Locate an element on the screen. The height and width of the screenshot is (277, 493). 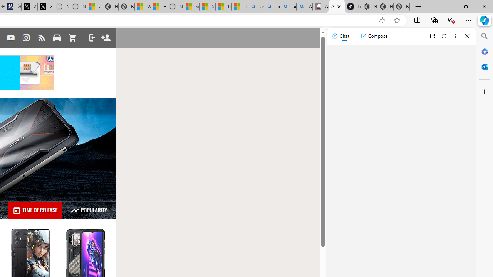
'Compose' is located at coordinates (374, 36).